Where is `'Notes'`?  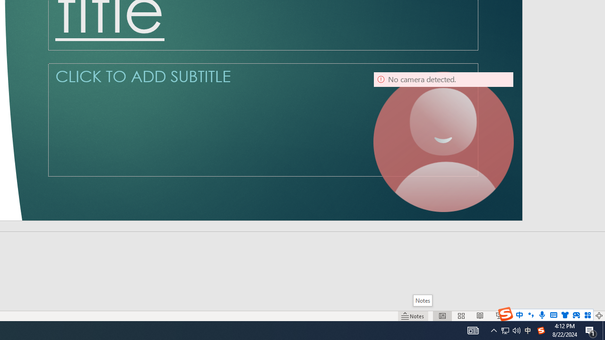
'Notes' is located at coordinates (422, 300).